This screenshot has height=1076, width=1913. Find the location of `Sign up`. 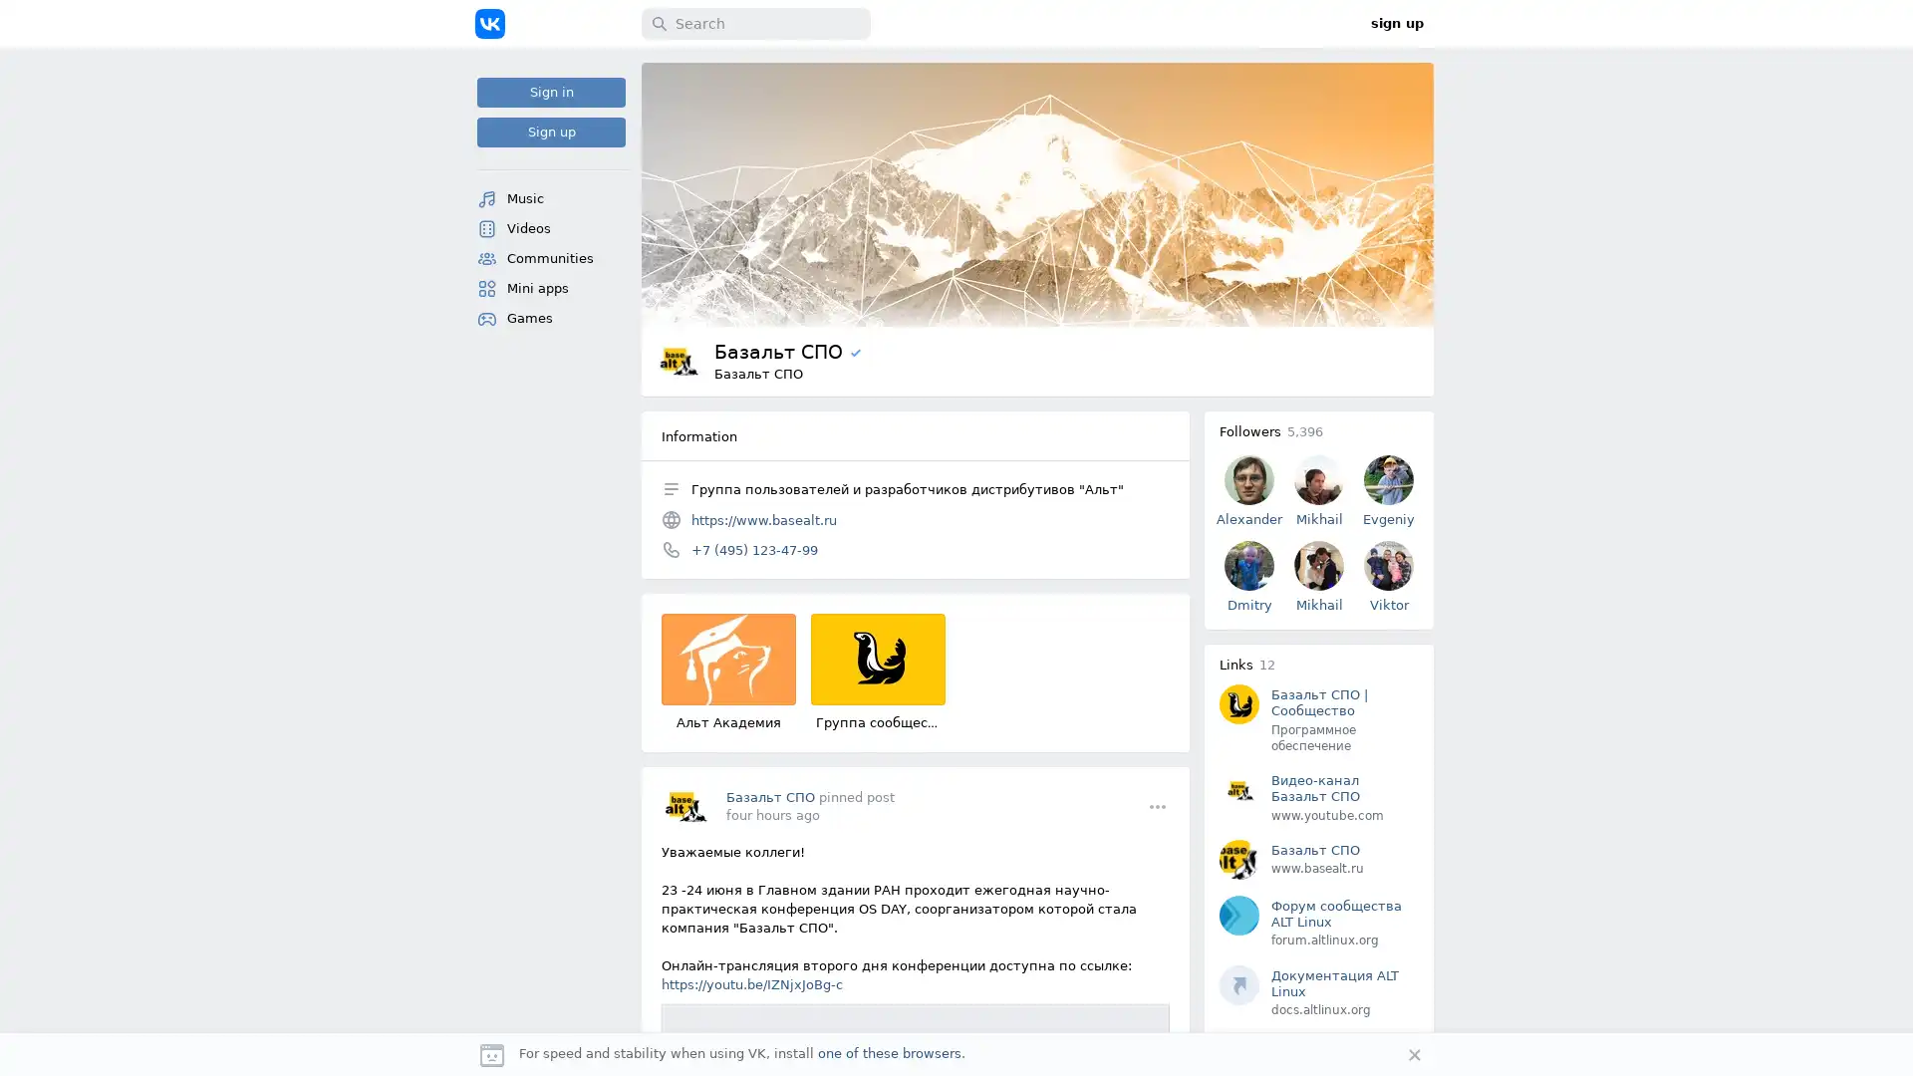

Sign up is located at coordinates (551, 132).